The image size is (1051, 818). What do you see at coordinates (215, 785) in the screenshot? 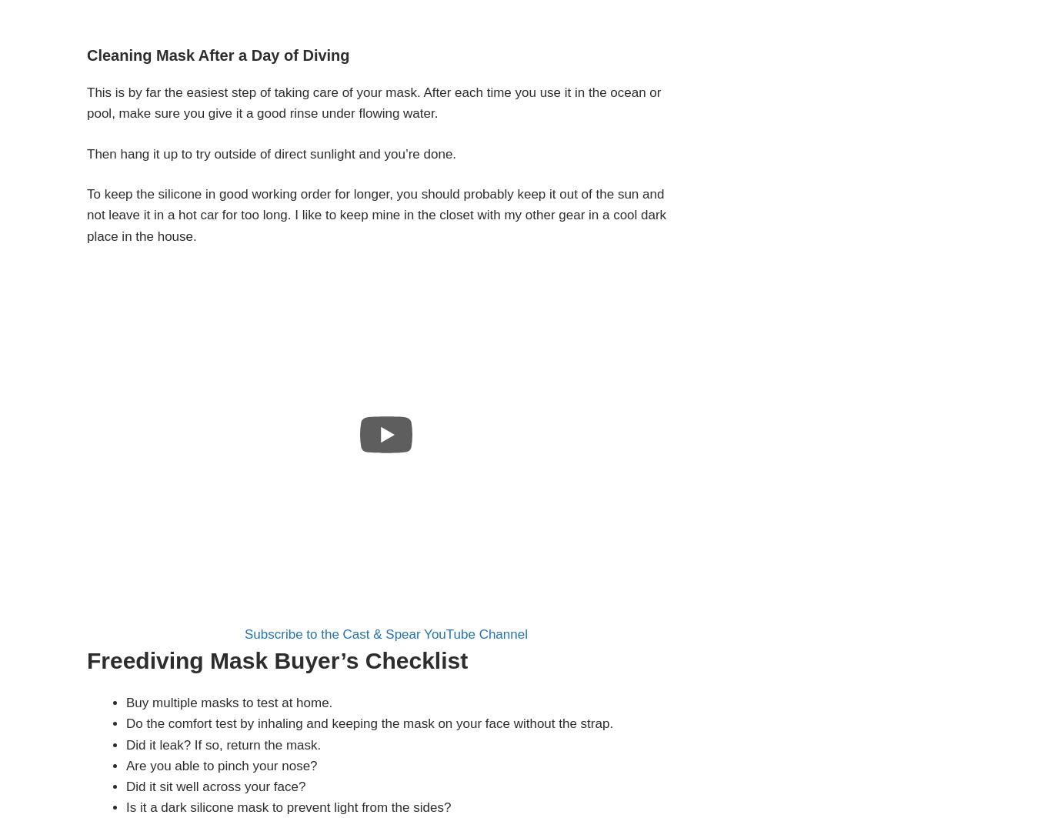
I see `'Did it sit well across your face?'` at bounding box center [215, 785].